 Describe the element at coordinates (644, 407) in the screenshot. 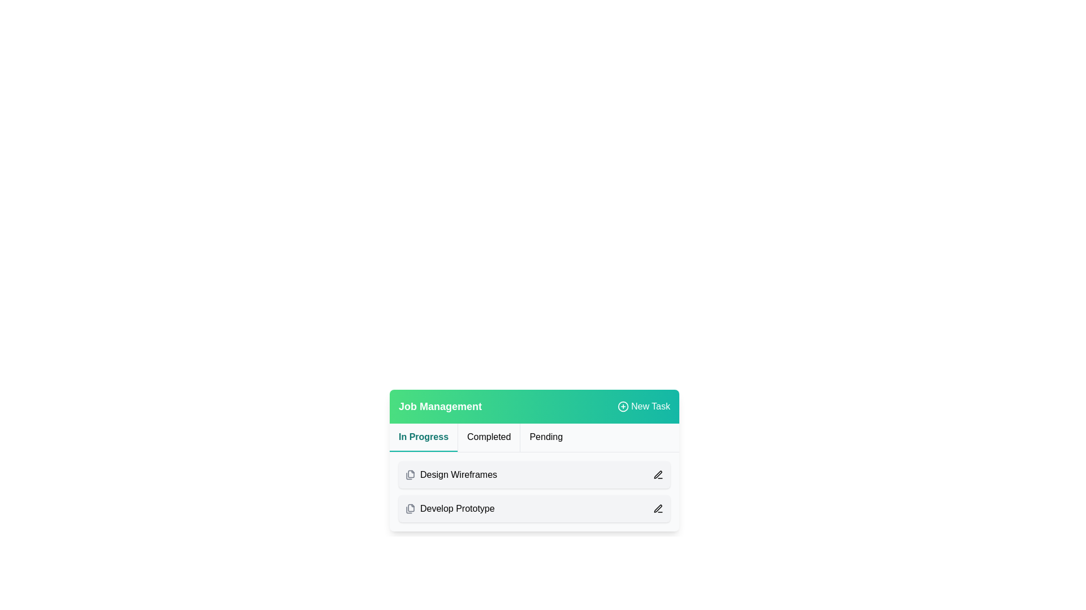

I see `the 'New Task' button with a circular plus icon, located on the right side of the 'Job Management' header` at that location.